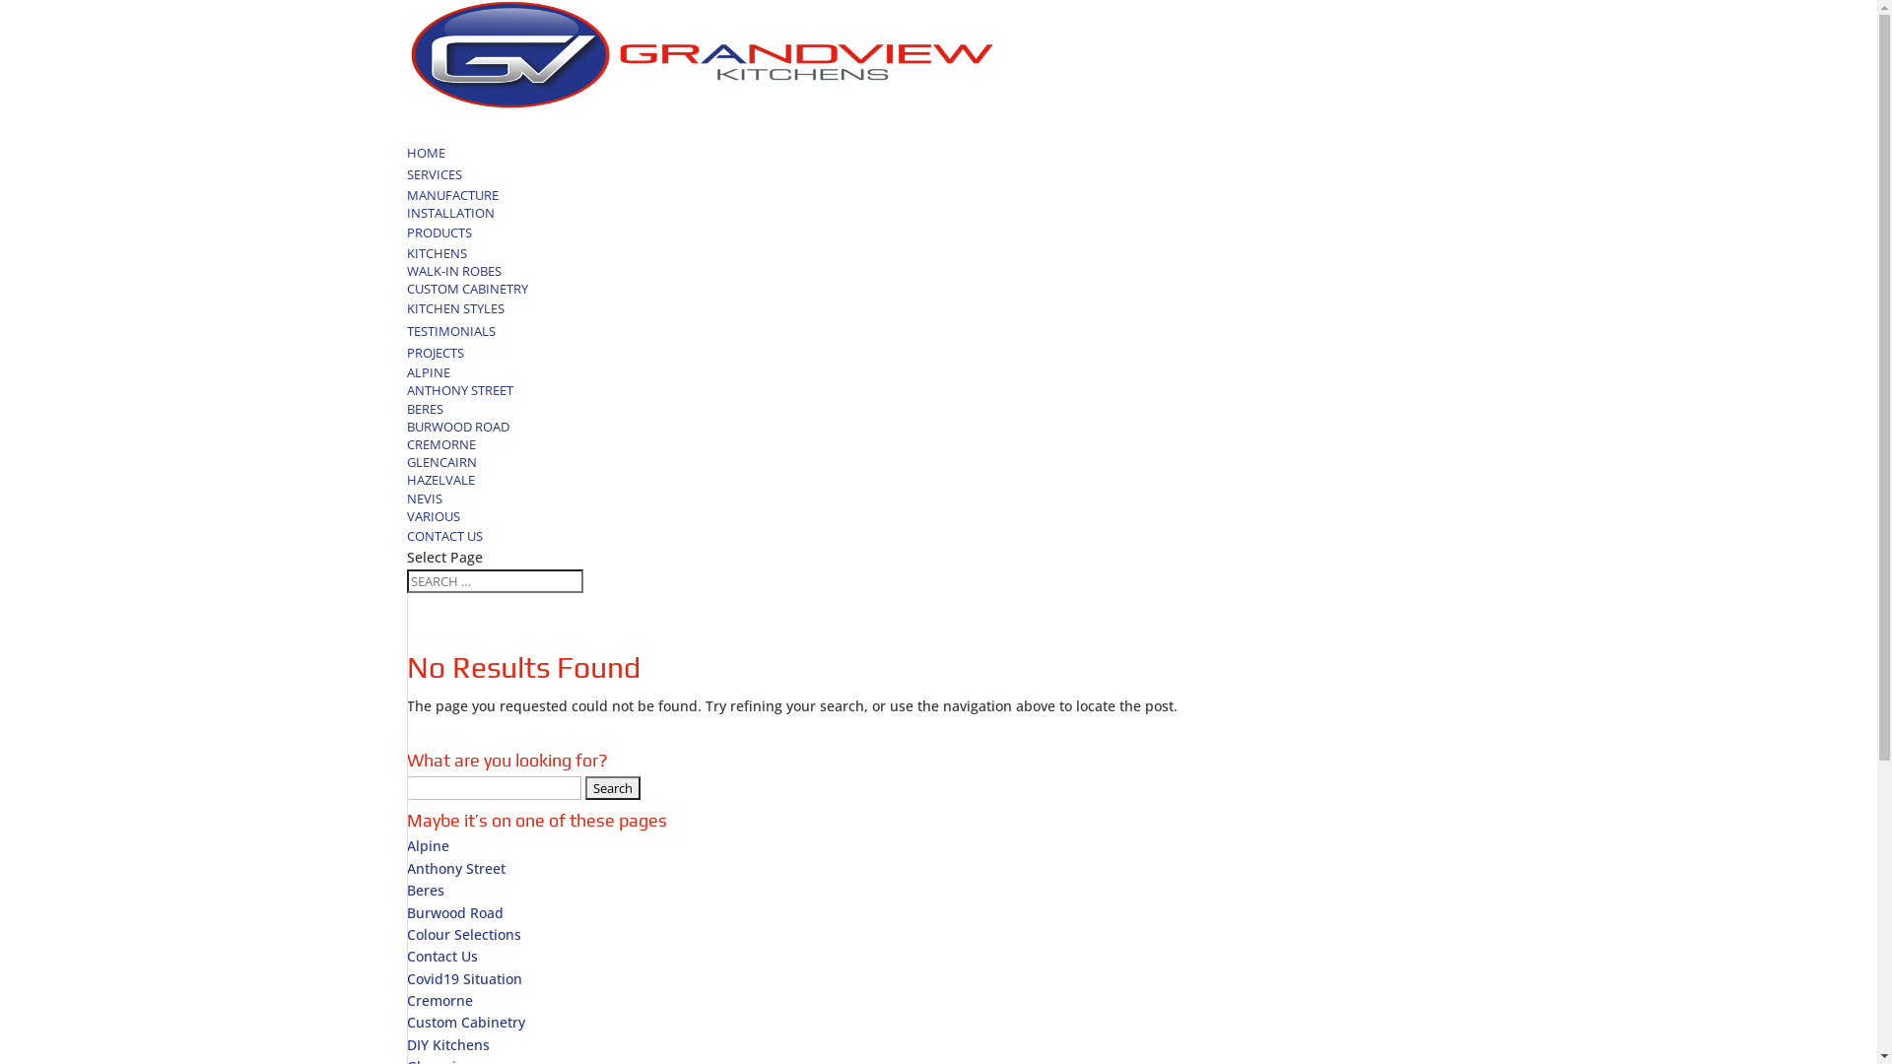 The height and width of the screenshot is (1064, 1892). Describe the element at coordinates (448, 213) in the screenshot. I see `'INSTALLATION'` at that location.